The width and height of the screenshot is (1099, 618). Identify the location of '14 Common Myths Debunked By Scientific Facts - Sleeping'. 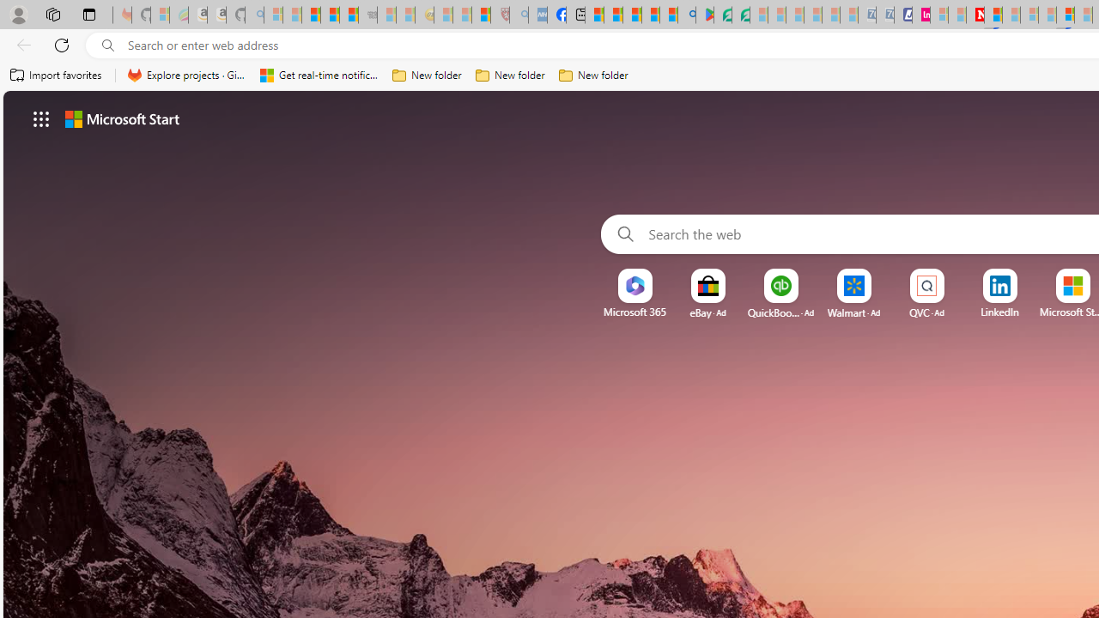
(1011, 15).